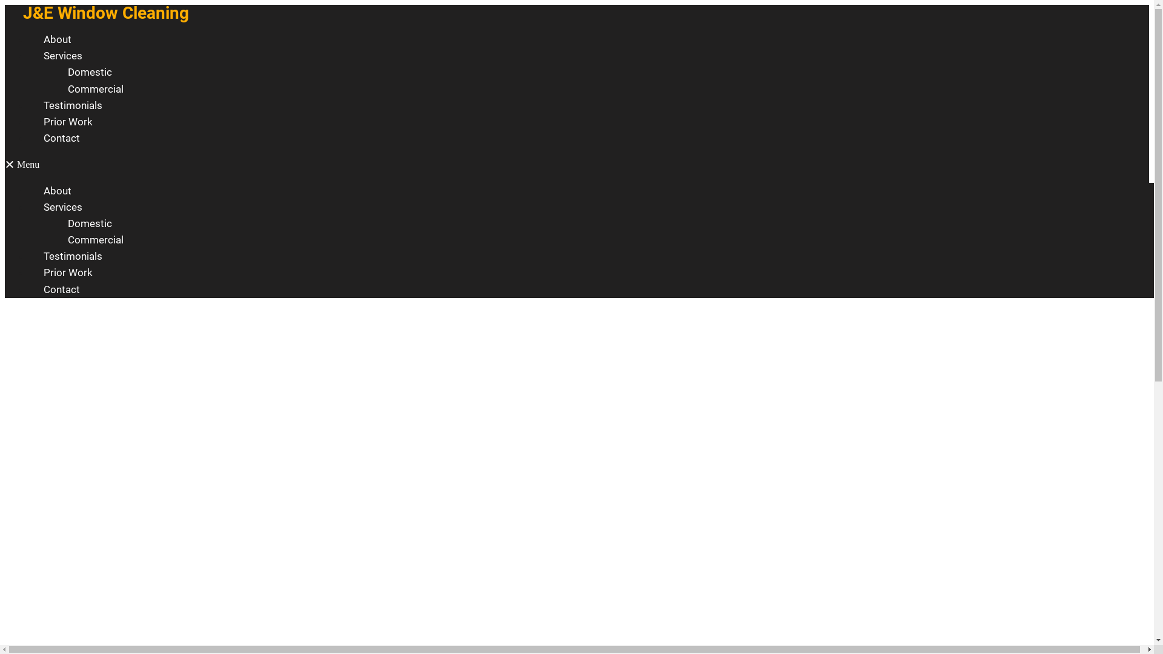 The height and width of the screenshot is (654, 1163). Describe the element at coordinates (89, 223) in the screenshot. I see `'Domestic'` at that location.